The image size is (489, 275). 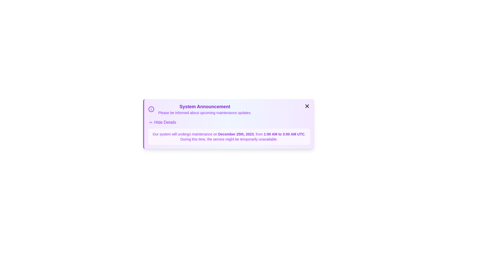 What do you see at coordinates (307, 106) in the screenshot?
I see `the 'X' mark Close button represented as an SVG graphic located in the top-right corner of the notification box` at bounding box center [307, 106].